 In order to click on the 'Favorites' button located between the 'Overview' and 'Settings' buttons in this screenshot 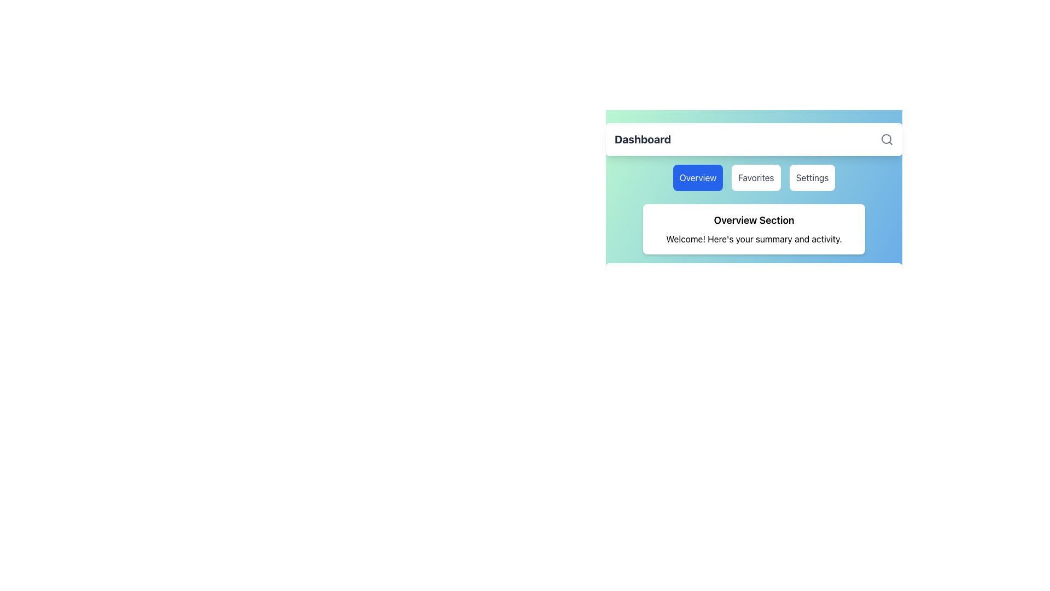, I will do `click(753, 183)`.